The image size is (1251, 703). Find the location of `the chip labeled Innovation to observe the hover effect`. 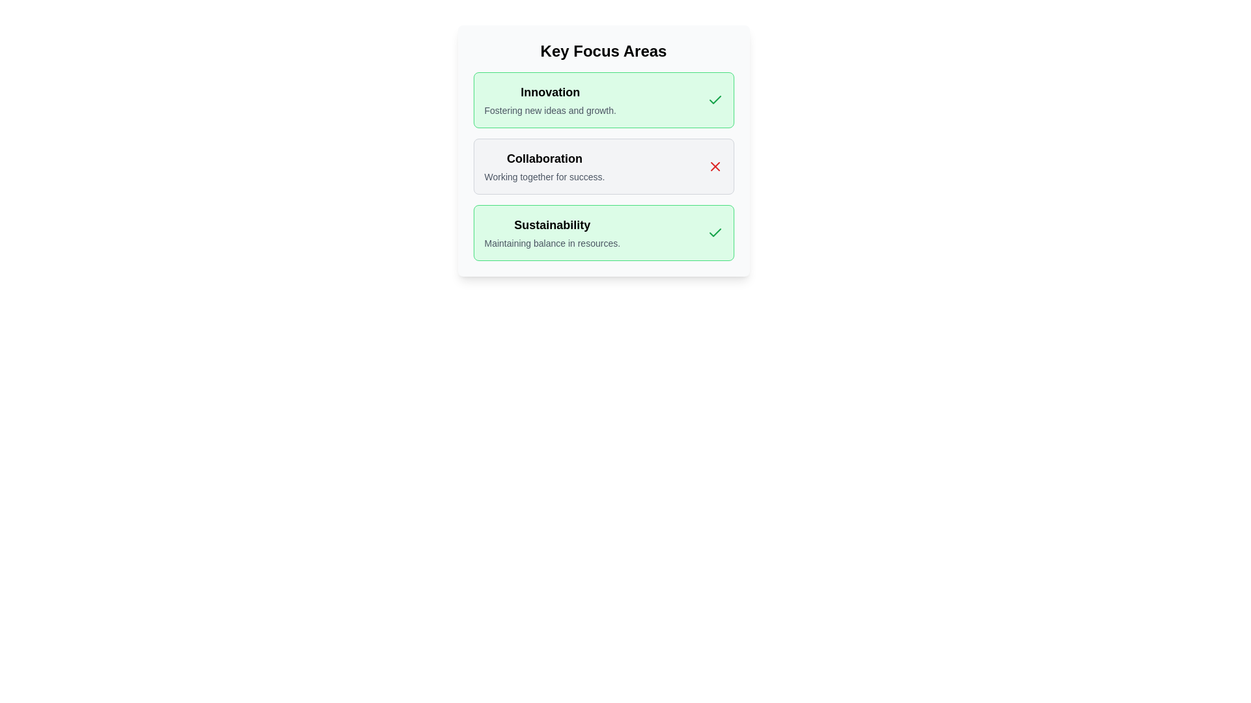

the chip labeled Innovation to observe the hover effect is located at coordinates (603, 100).